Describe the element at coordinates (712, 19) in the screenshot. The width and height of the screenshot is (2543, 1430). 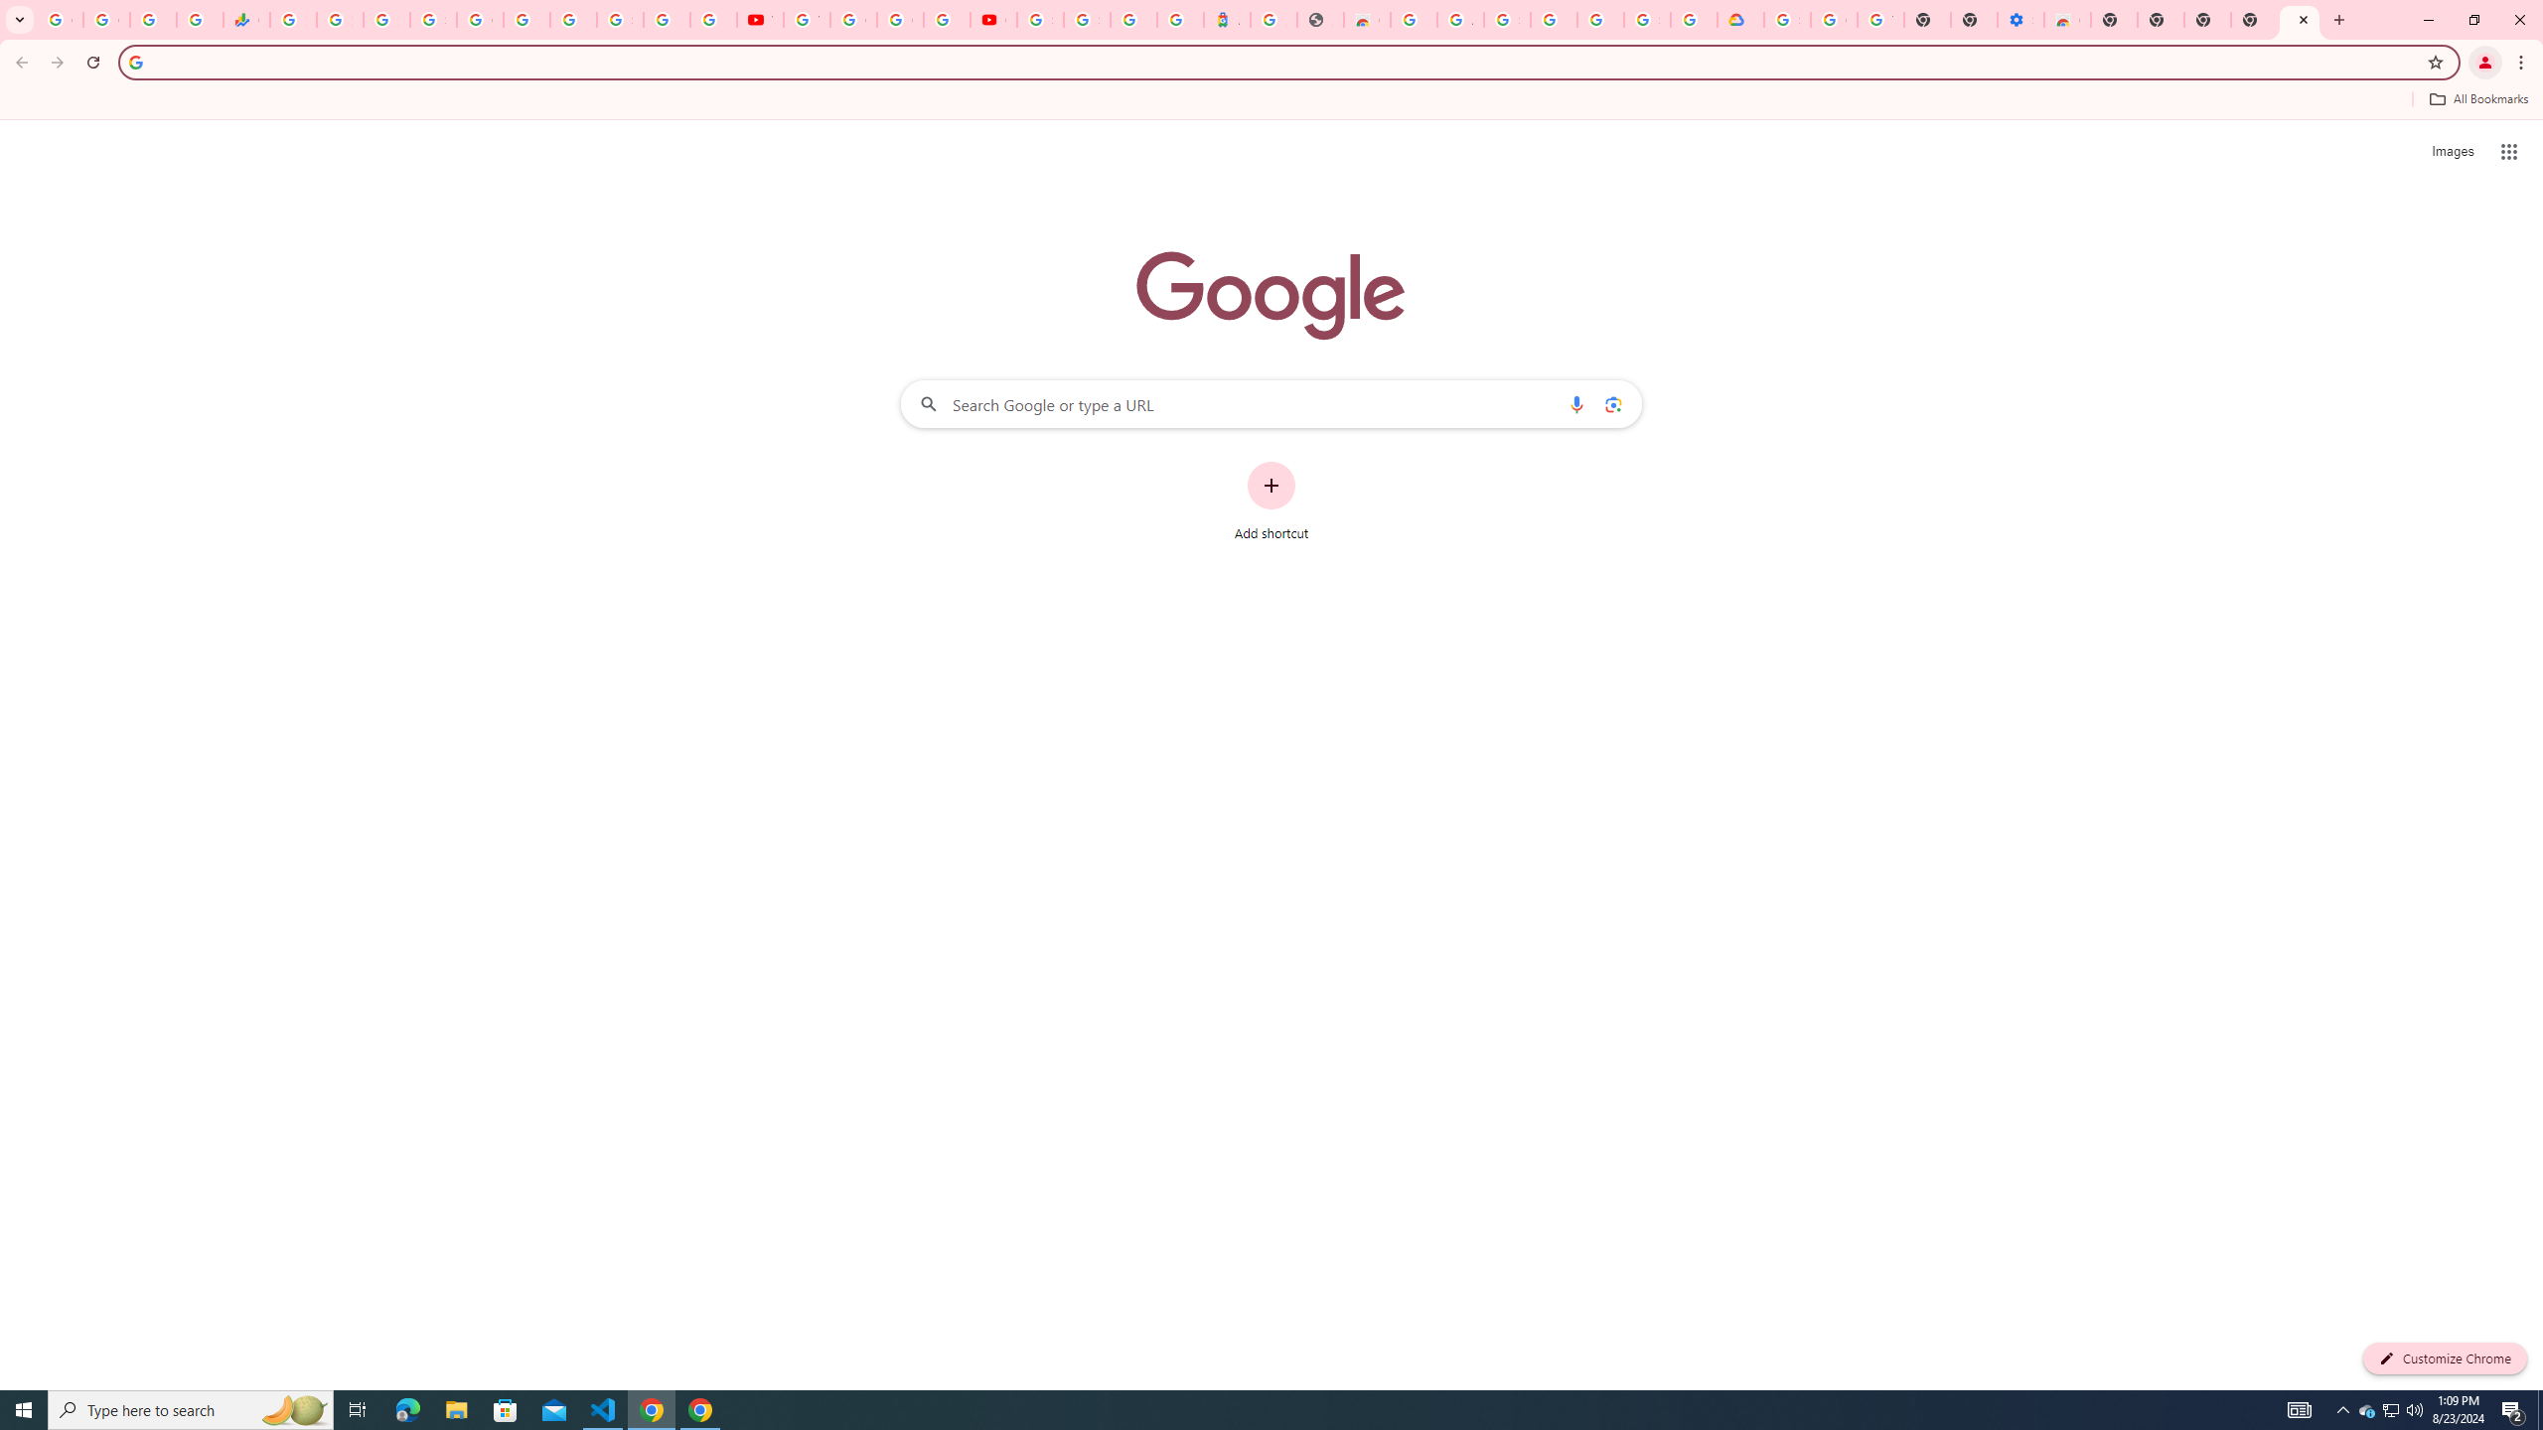
I see `'Privacy Checkup'` at that location.